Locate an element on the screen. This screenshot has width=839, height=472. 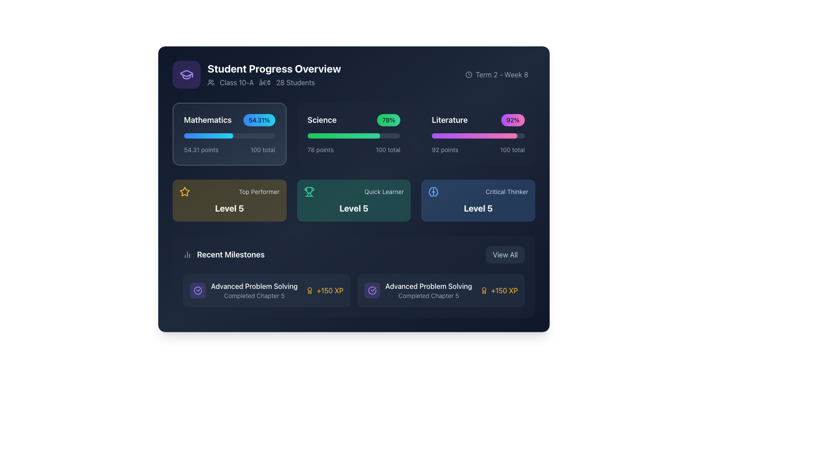
the Achievement card titled 'Advanced Problem Solving' which is located in the Recent Milestones section at the bottom-left corner of the interface is located at coordinates (266, 290).